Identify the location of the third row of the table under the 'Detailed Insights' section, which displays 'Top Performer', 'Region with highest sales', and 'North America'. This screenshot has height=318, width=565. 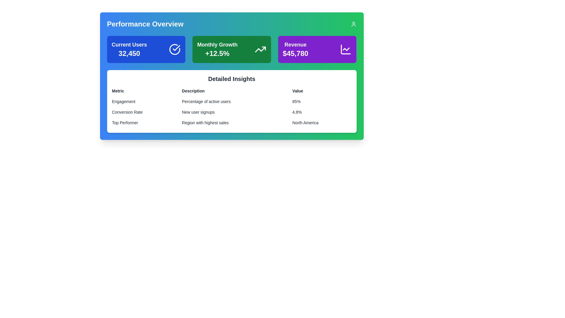
(231, 122).